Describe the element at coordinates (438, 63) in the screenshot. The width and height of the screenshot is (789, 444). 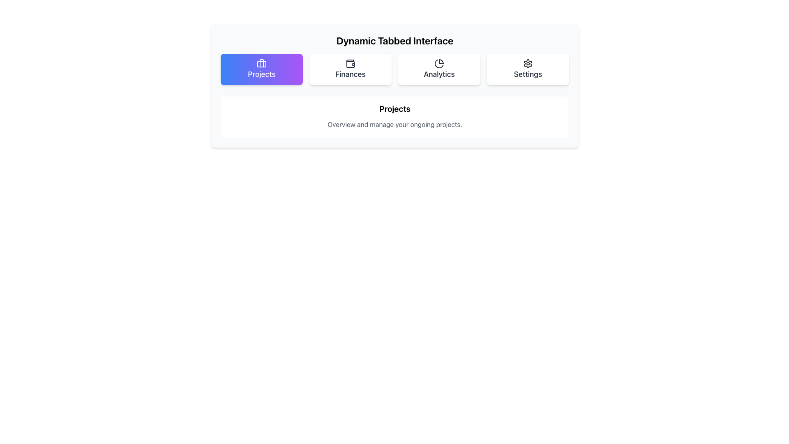
I see `the pie chart segment located in the 'Analytics' tab of the navigation interface, which is the third tab from the left and features a clean, minimalistic design` at that location.